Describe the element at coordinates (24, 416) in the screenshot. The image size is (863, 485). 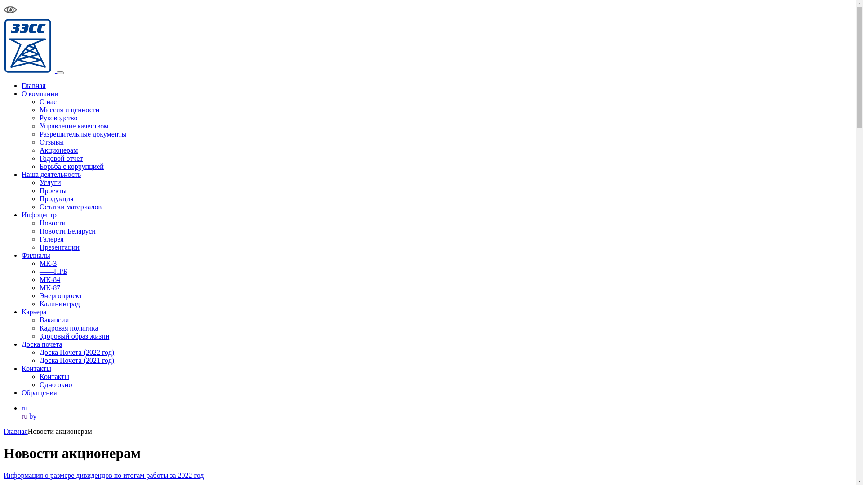
I see `'ru'` at that location.